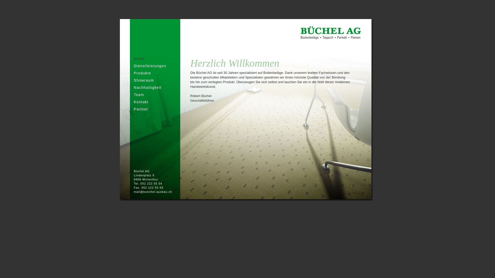 The height and width of the screenshot is (278, 495). What do you see at coordinates (141, 102) in the screenshot?
I see `'Kontakt'` at bounding box center [141, 102].